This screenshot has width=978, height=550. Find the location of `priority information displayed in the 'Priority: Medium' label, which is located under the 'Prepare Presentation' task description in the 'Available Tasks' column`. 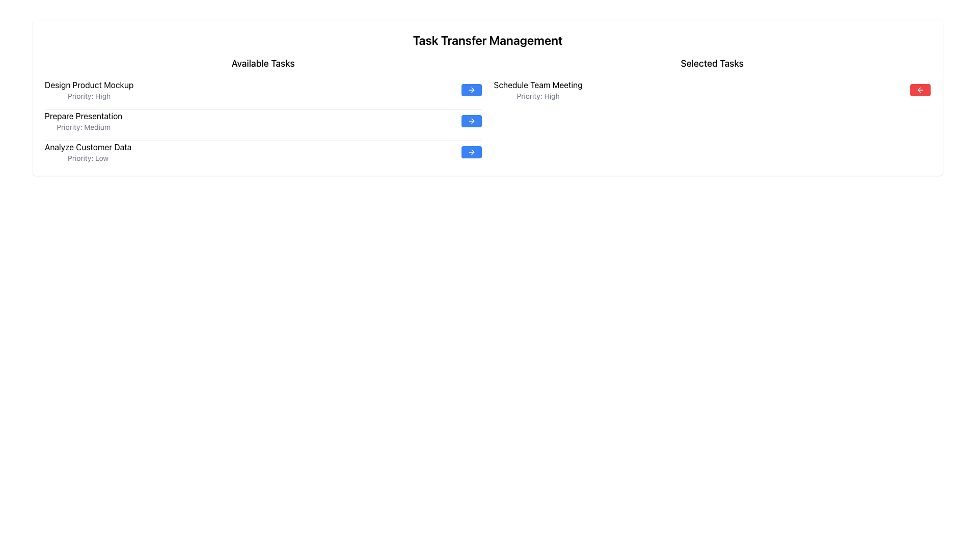

priority information displayed in the 'Priority: Medium' label, which is located under the 'Prepare Presentation' task description in the 'Available Tasks' column is located at coordinates (84, 127).